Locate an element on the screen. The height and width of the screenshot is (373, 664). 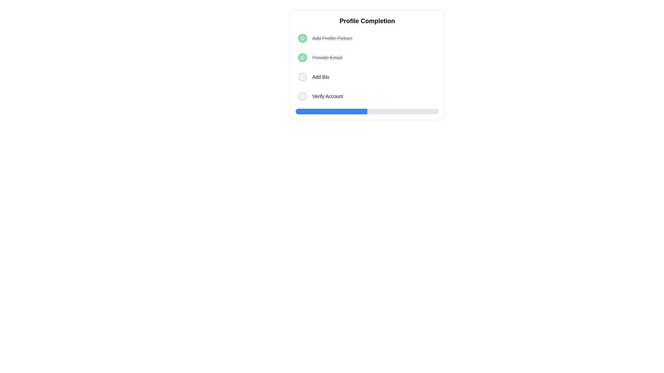
the completed profile task icon that indicates the successful completion of providing an email address in the profile completion interface is located at coordinates (302, 38).